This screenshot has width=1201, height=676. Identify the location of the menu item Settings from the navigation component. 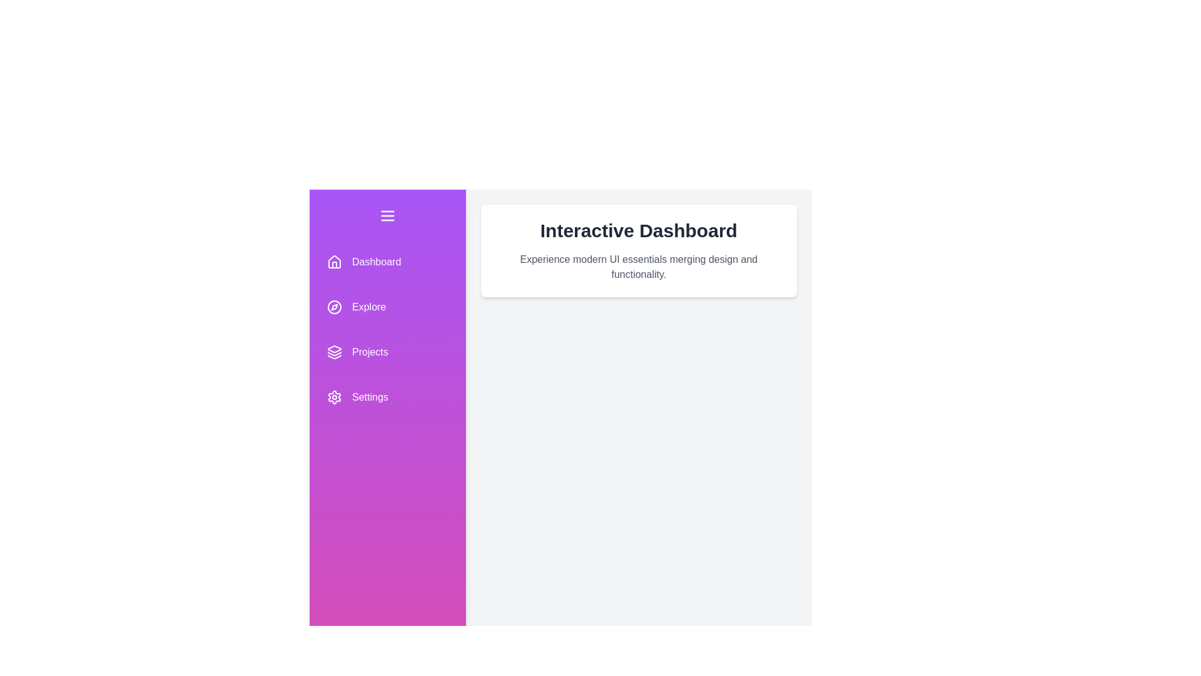
(387, 397).